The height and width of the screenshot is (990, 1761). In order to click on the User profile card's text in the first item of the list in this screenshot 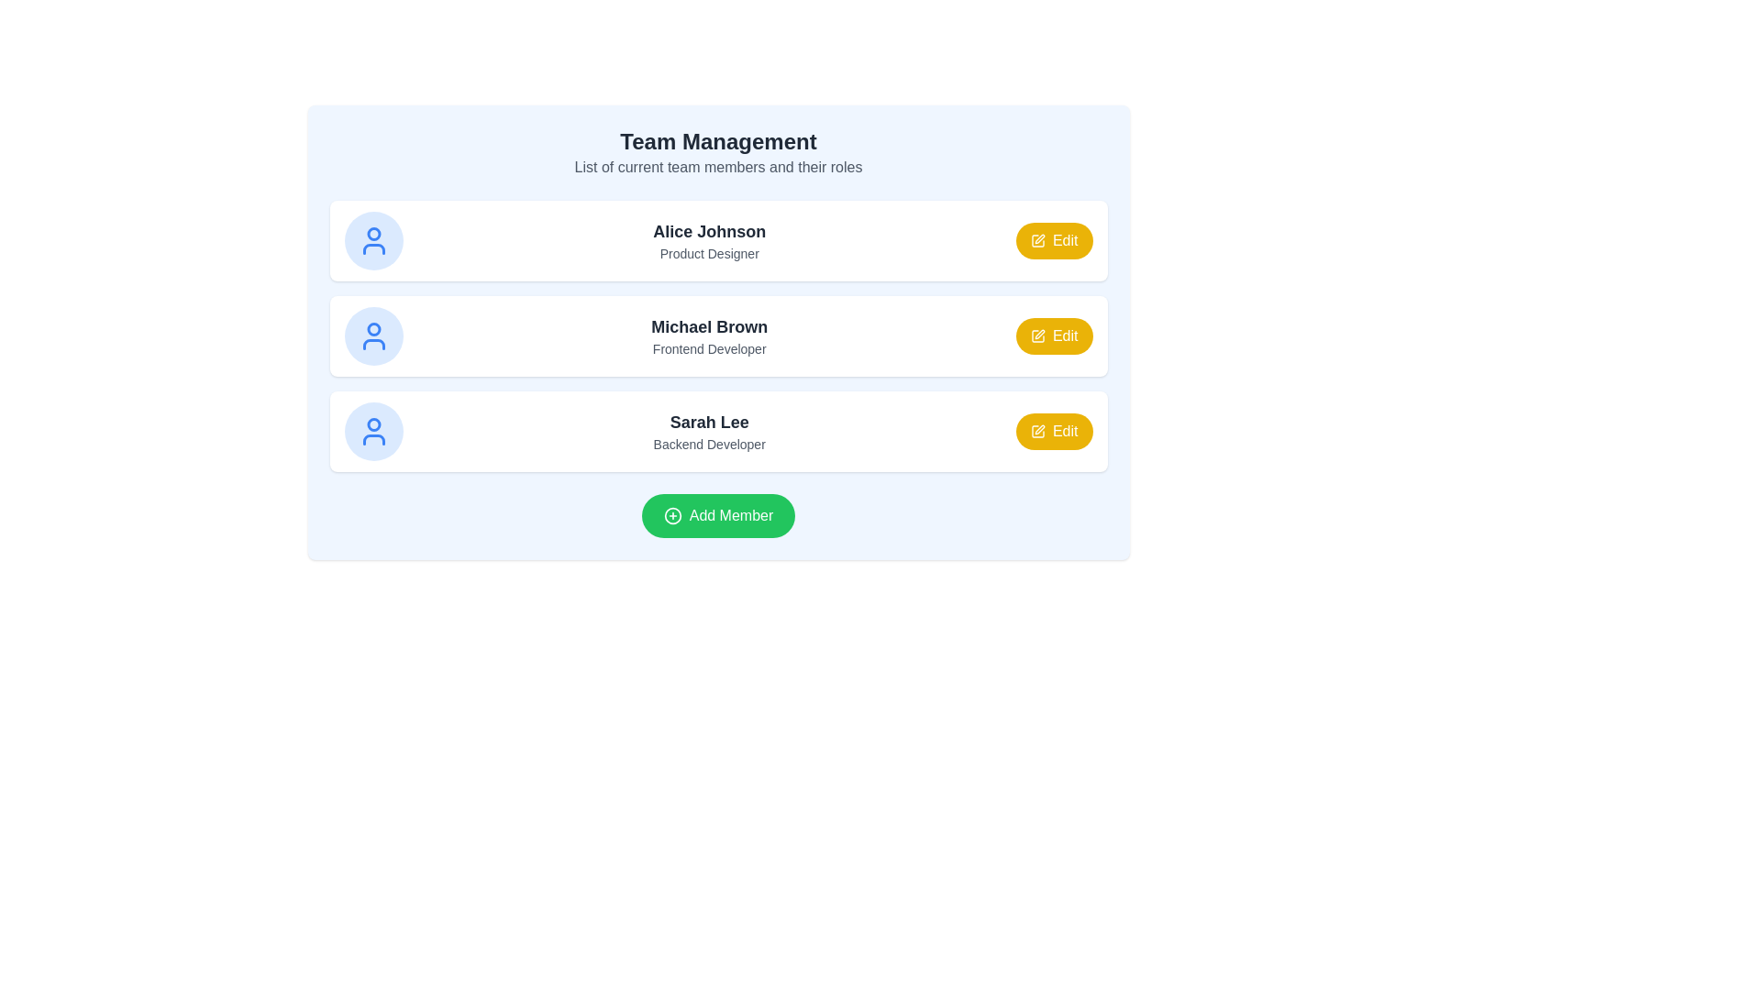, I will do `click(717, 239)`.